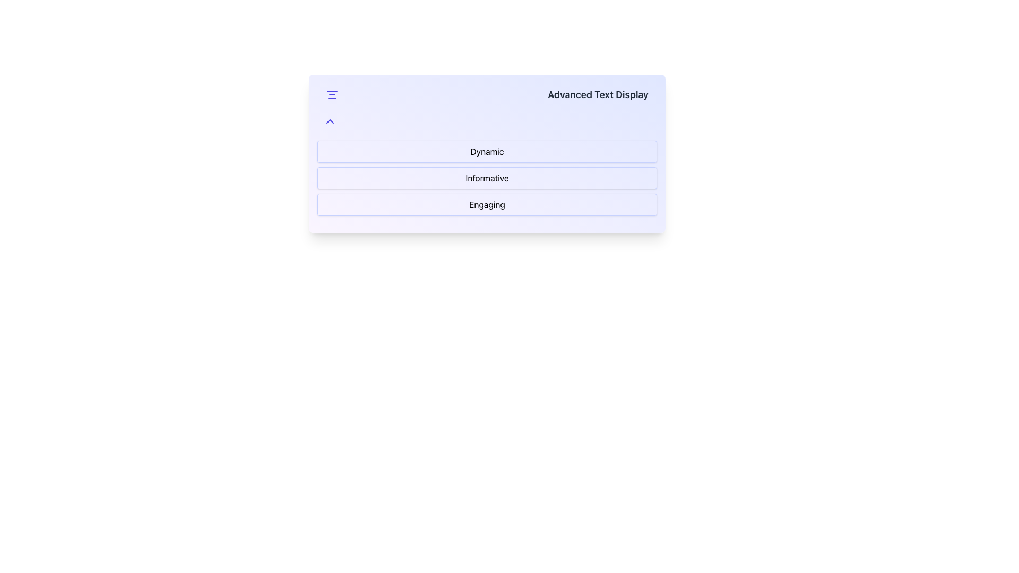 The image size is (1019, 573). I want to click on the Text Label located in the upper-right quarter of the layout, which serves as a descriptive or informational label indicating the content or purpose of the section, so click(598, 94).